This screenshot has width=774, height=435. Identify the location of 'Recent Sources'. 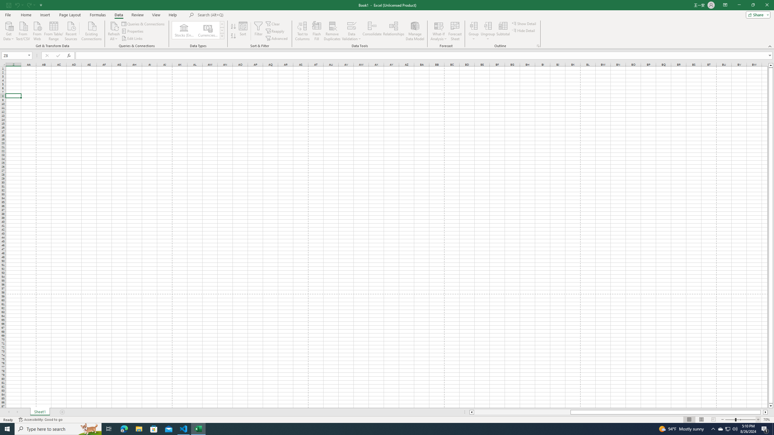
(71, 30).